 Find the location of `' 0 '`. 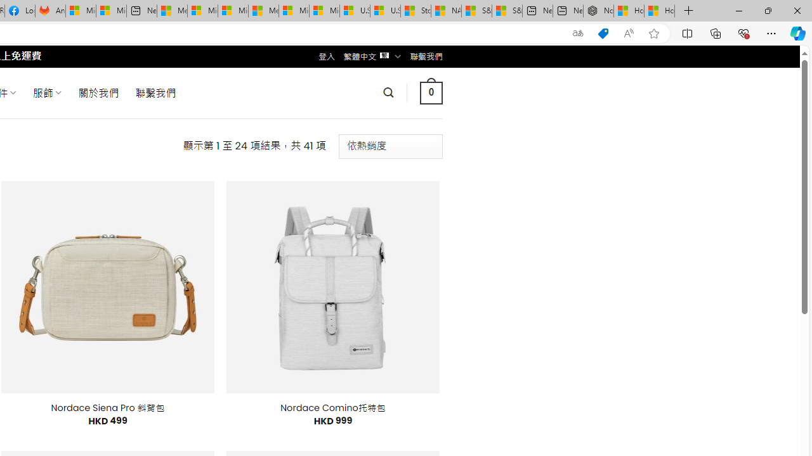

' 0 ' is located at coordinates (431, 92).